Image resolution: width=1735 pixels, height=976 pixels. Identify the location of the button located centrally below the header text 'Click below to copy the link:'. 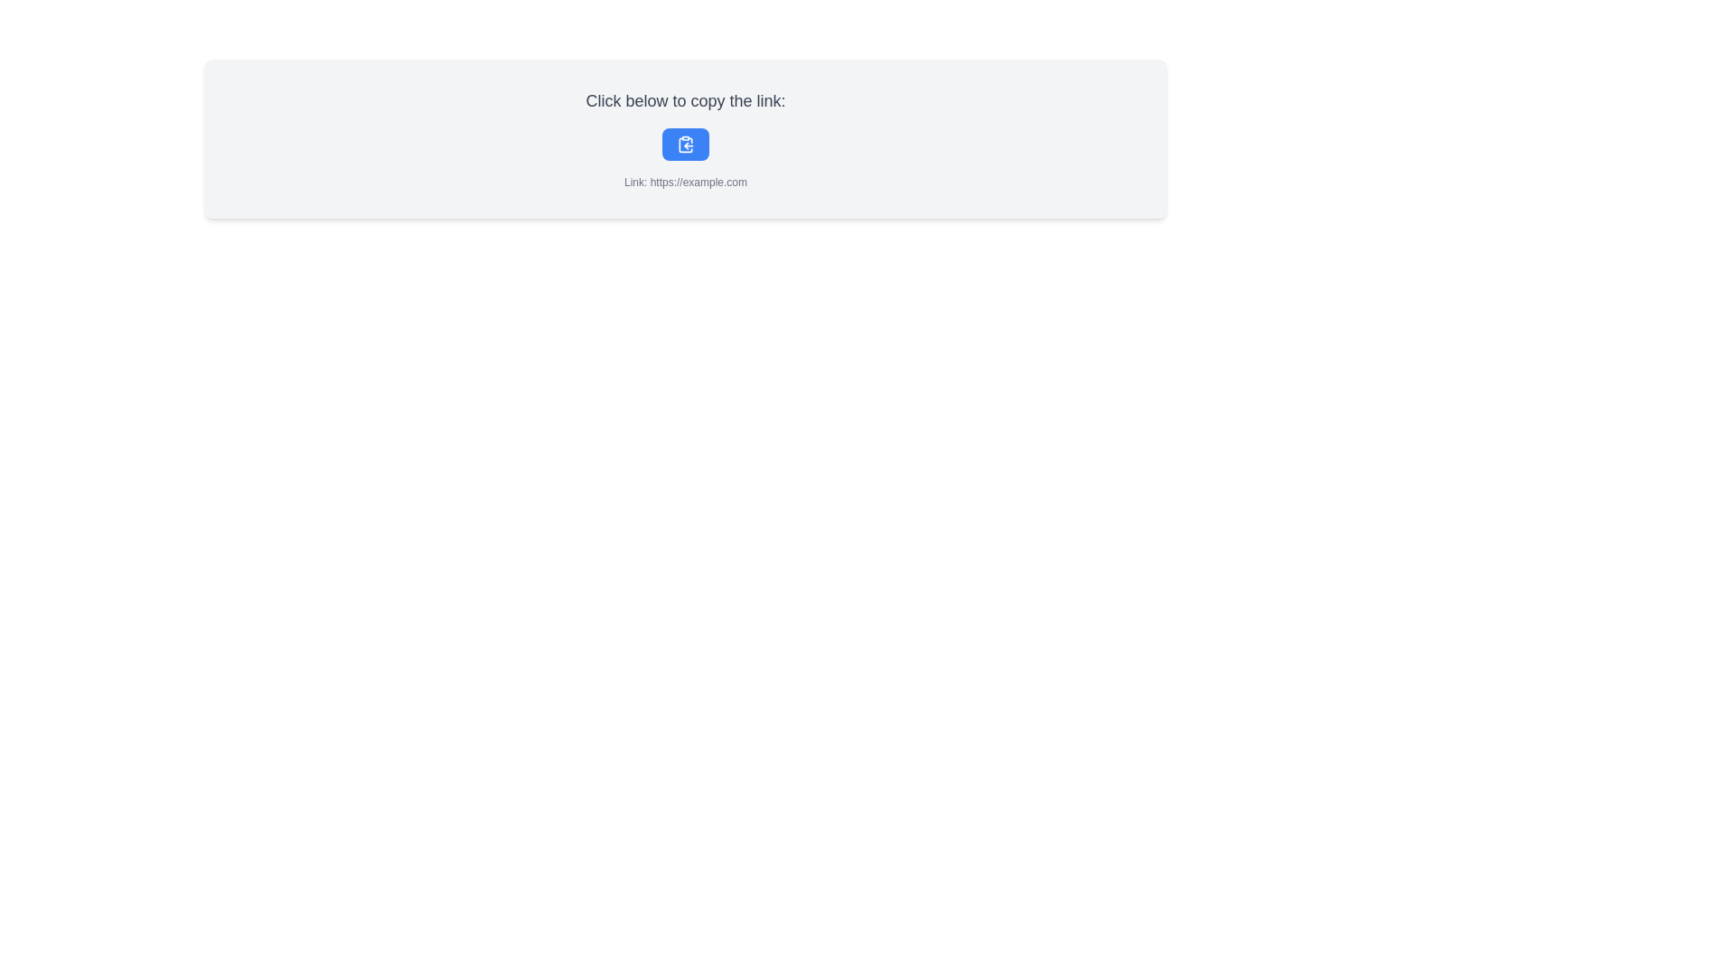
(684, 143).